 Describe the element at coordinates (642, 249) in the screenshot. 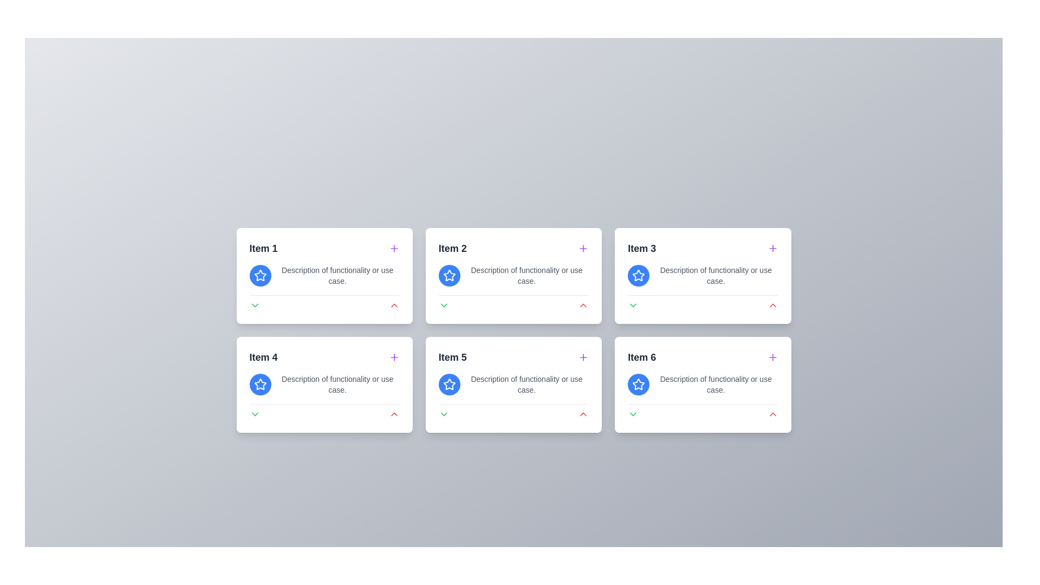

I see `the primary text header that identifies the third item in a grid of cards, positioned to the right of 'Item 2' and above 'Item 6'` at that location.